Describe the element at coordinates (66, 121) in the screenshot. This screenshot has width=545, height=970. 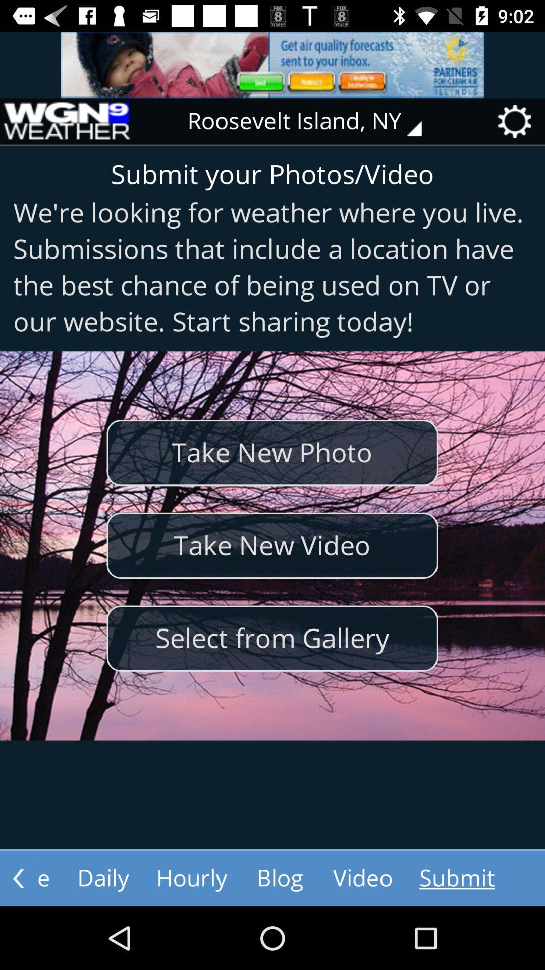
I see `the item to the left of roosevelt island, ny icon` at that location.